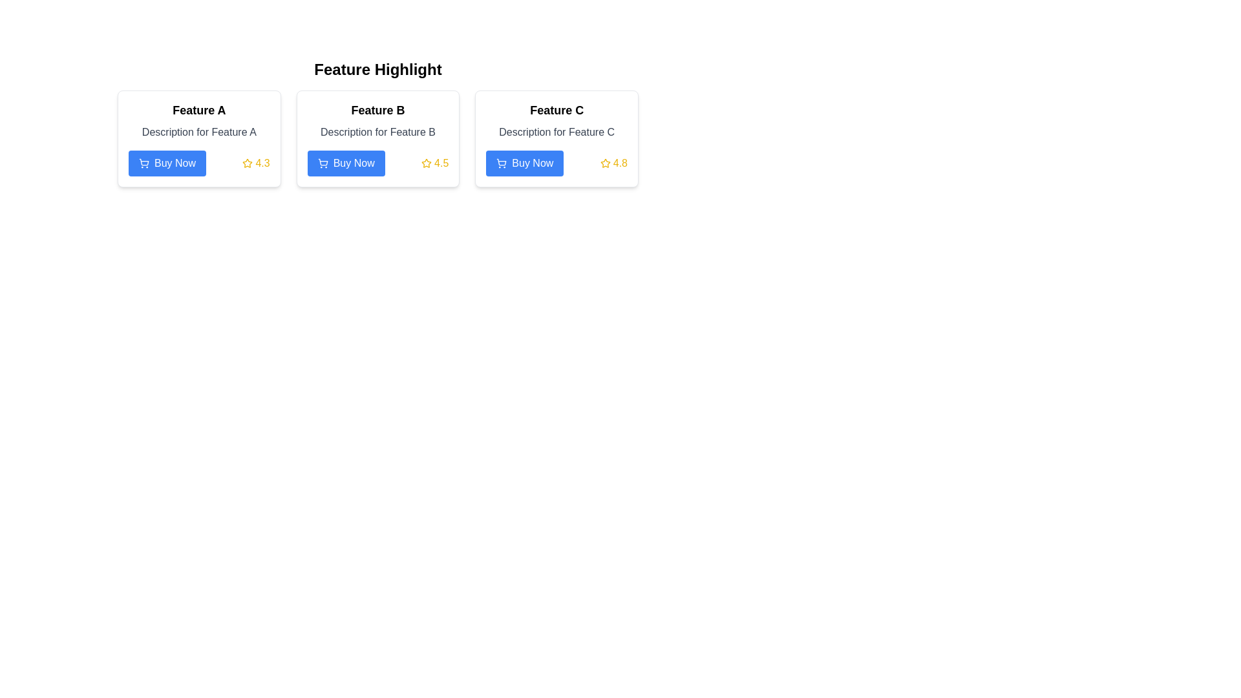 The image size is (1241, 698). What do you see at coordinates (501, 163) in the screenshot?
I see `the shopping cart icon located within the 'Buy Now' button in the card labeled 'Feature C', which is the third icon from the left` at bounding box center [501, 163].